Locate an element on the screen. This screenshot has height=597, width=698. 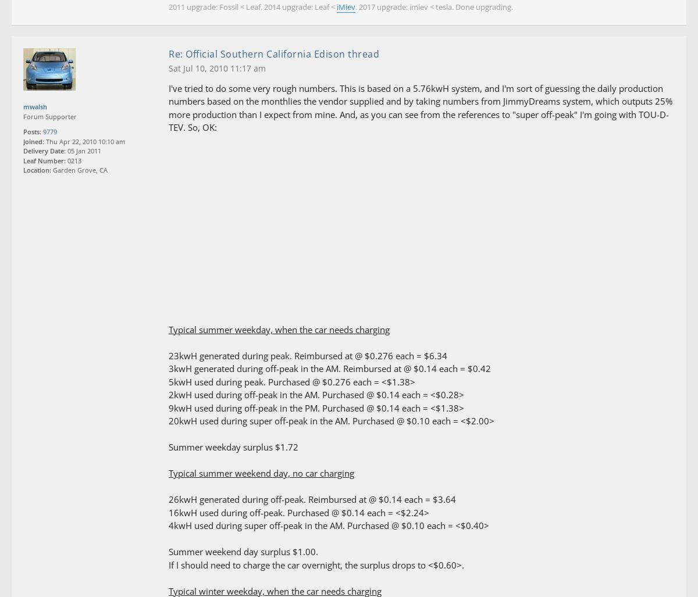
'Thu Apr 22, 2010 10:10 am' is located at coordinates (84, 141).